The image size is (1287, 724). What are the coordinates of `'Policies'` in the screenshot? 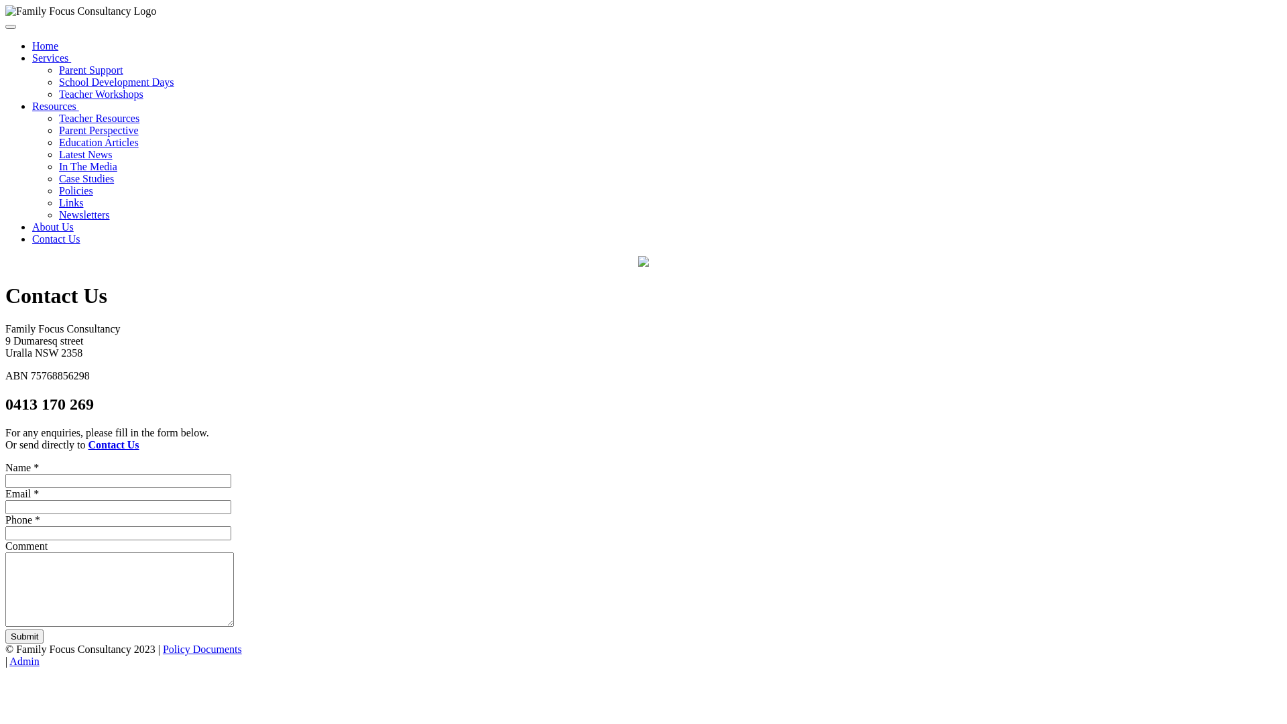 It's located at (75, 190).